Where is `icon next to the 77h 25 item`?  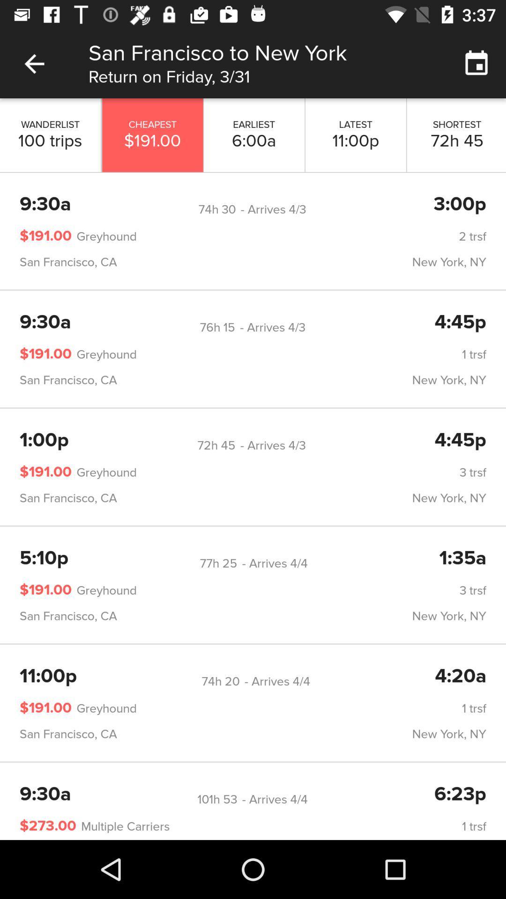
icon next to the 77h 25 item is located at coordinates (44, 559).